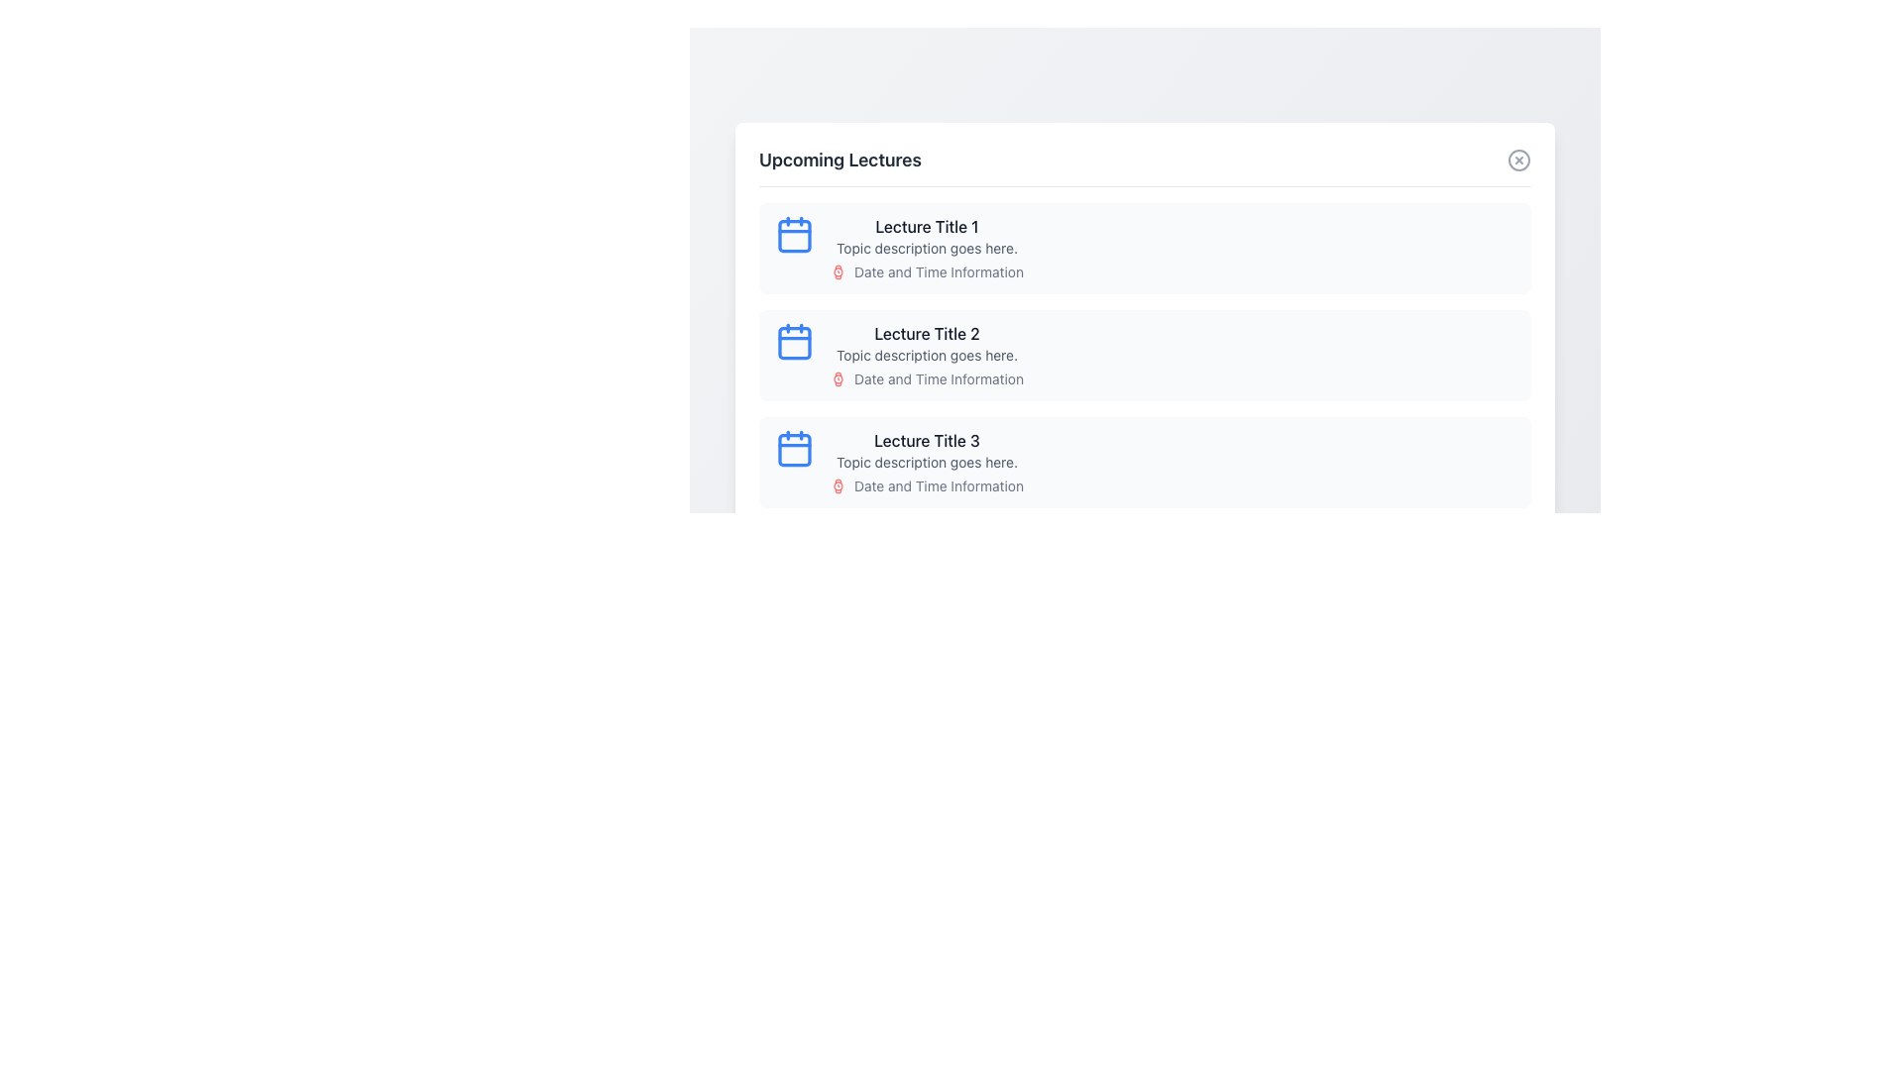 Image resolution: width=1903 pixels, height=1070 pixels. What do you see at coordinates (926, 247) in the screenshot?
I see `the informational panel providing details about the first lecture in the list, which includes its title, description, and date/time` at bounding box center [926, 247].